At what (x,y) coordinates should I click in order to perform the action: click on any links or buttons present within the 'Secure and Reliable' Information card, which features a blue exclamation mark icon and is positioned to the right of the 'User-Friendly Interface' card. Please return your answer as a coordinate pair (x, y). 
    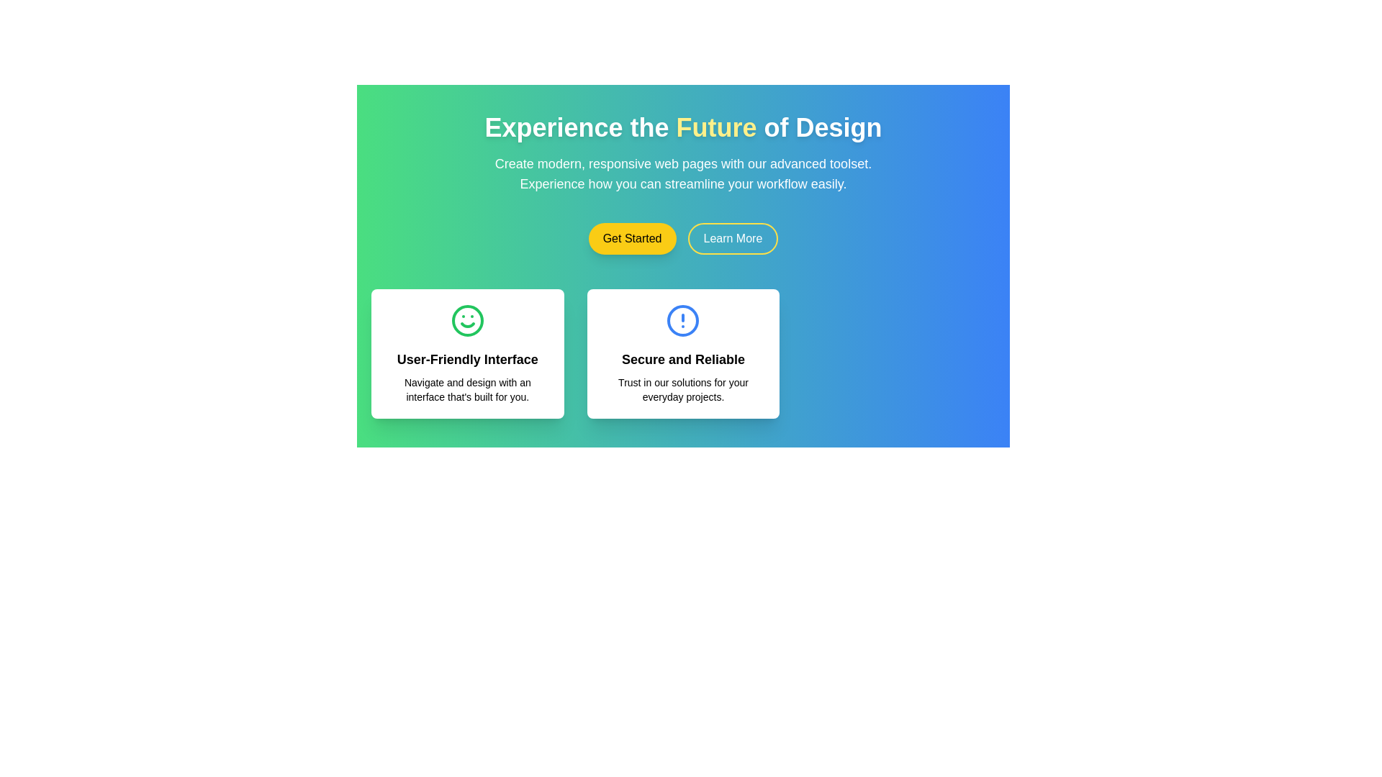
    Looking at the image, I should click on (682, 354).